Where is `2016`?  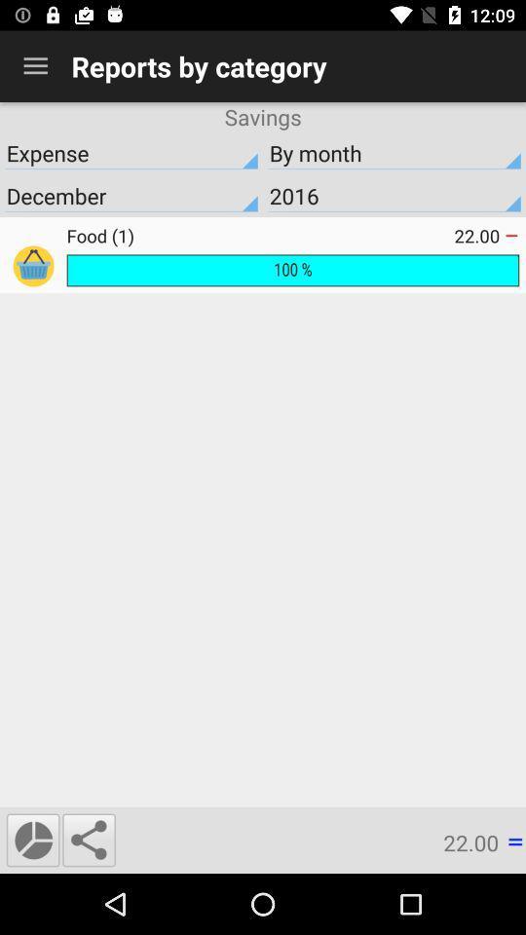 2016 is located at coordinates (394, 196).